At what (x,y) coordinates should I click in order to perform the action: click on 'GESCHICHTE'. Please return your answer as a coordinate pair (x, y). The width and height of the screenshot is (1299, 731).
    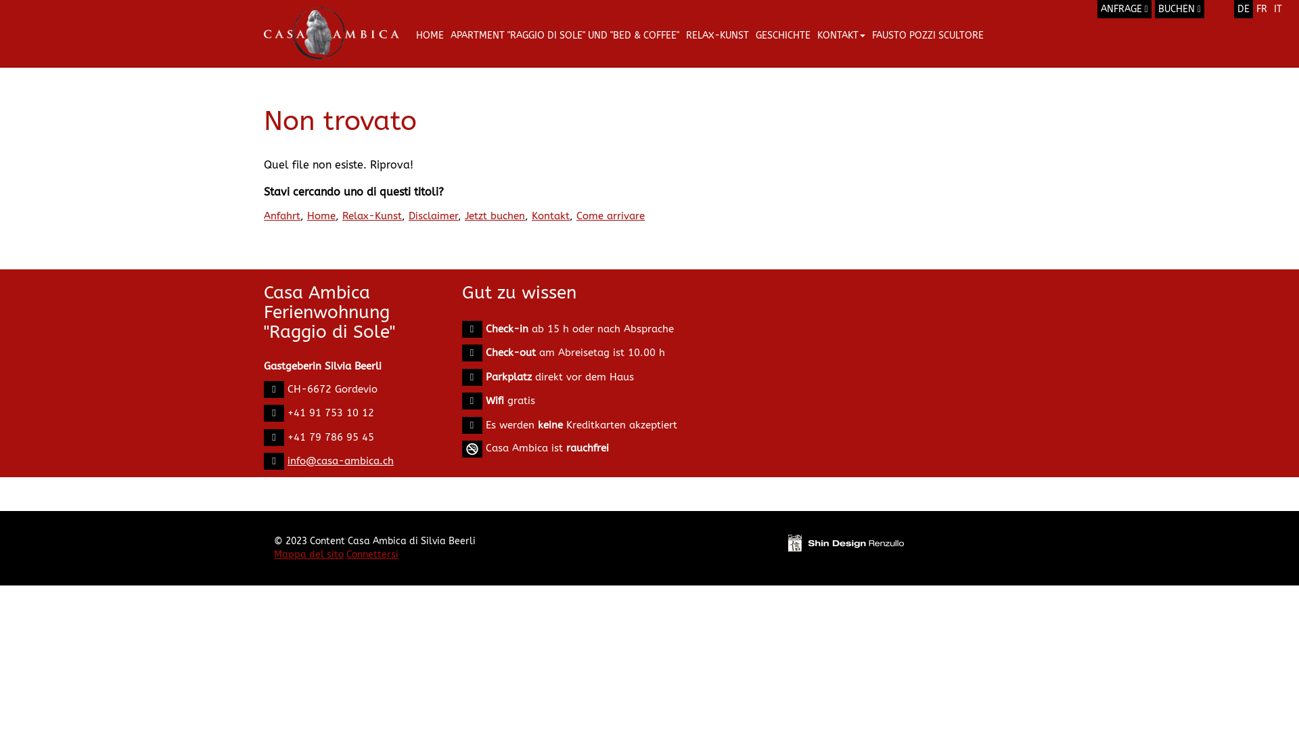
    Looking at the image, I should click on (752, 35).